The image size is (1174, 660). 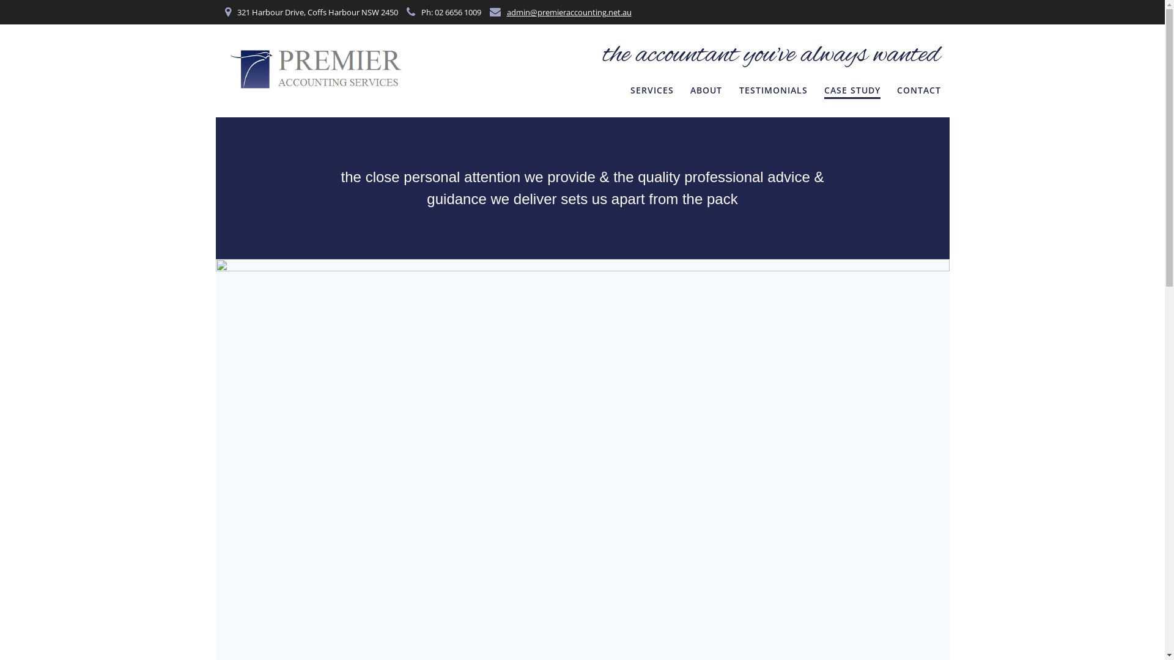 I want to click on 'CASE STUDY', so click(x=851, y=90).